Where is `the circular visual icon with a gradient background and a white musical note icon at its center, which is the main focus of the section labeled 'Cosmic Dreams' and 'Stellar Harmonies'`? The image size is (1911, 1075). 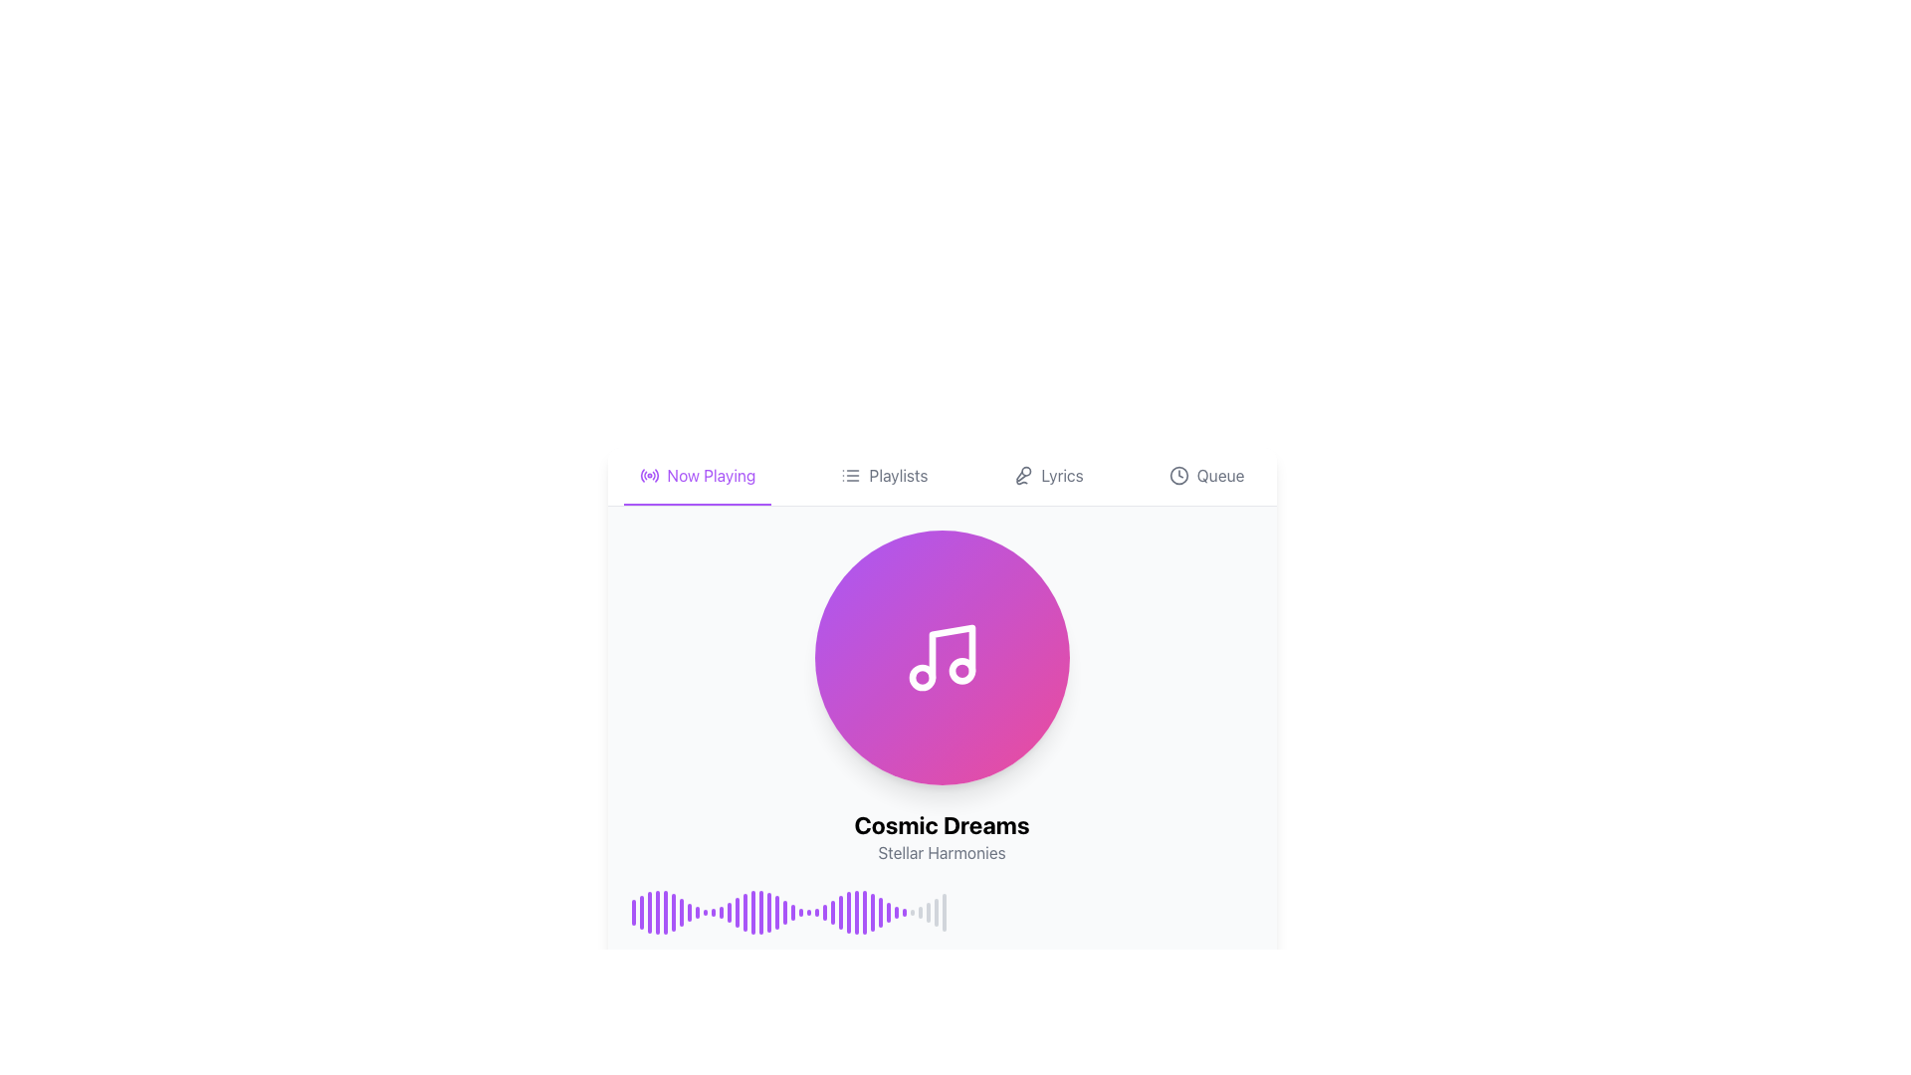
the circular visual icon with a gradient background and a white musical note icon at its center, which is the main focus of the section labeled 'Cosmic Dreams' and 'Stellar Harmonies' is located at coordinates (941, 657).